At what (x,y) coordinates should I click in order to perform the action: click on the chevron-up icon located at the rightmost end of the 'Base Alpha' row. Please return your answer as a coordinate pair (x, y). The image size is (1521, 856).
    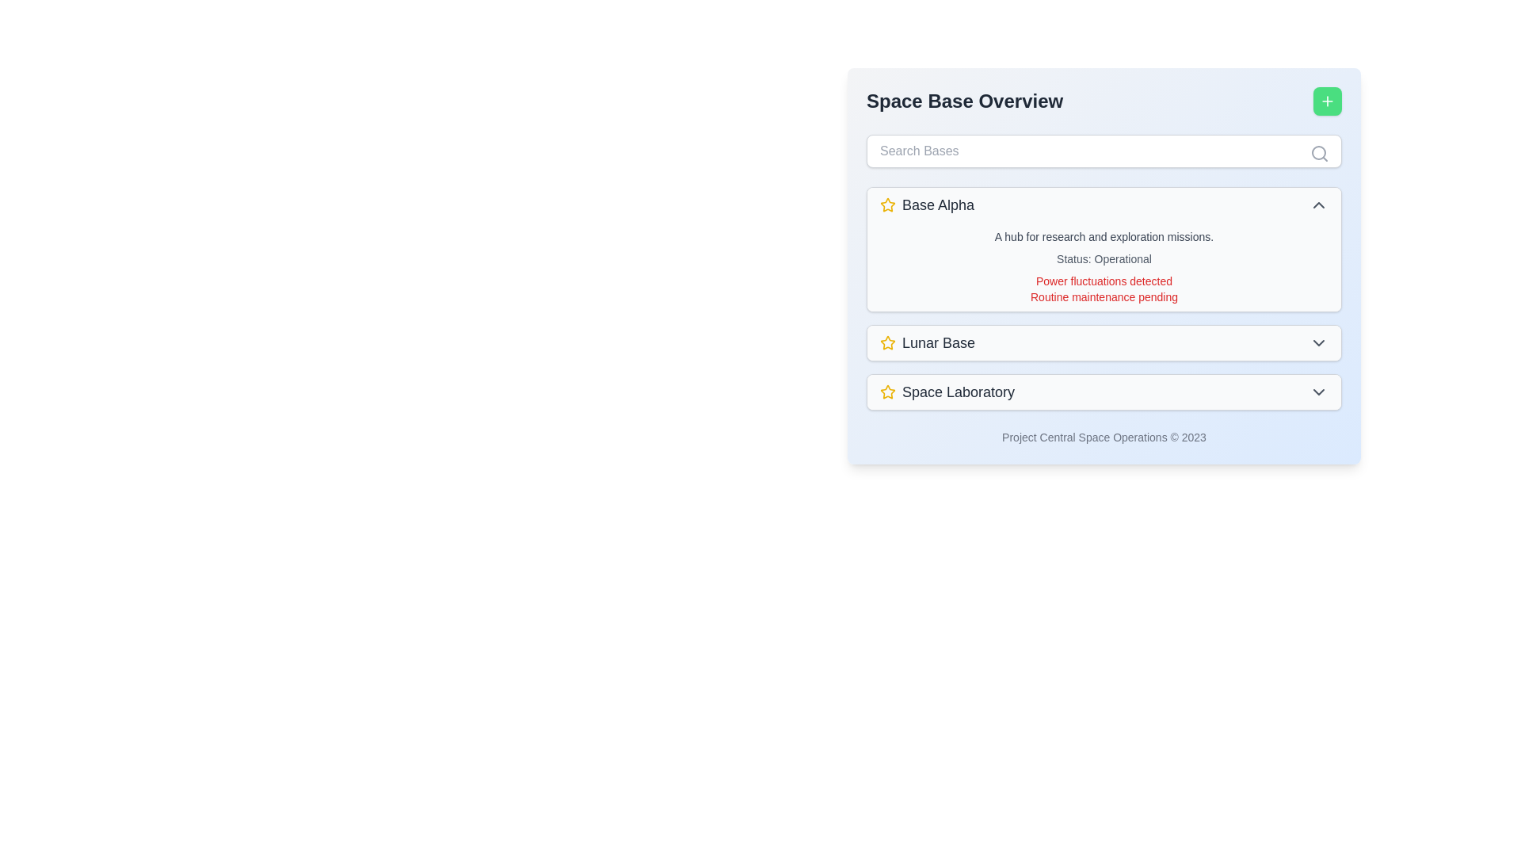
    Looking at the image, I should click on (1319, 204).